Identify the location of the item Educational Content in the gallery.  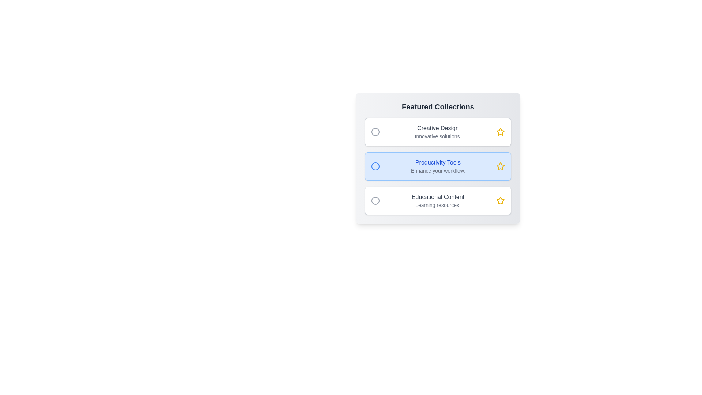
(438, 200).